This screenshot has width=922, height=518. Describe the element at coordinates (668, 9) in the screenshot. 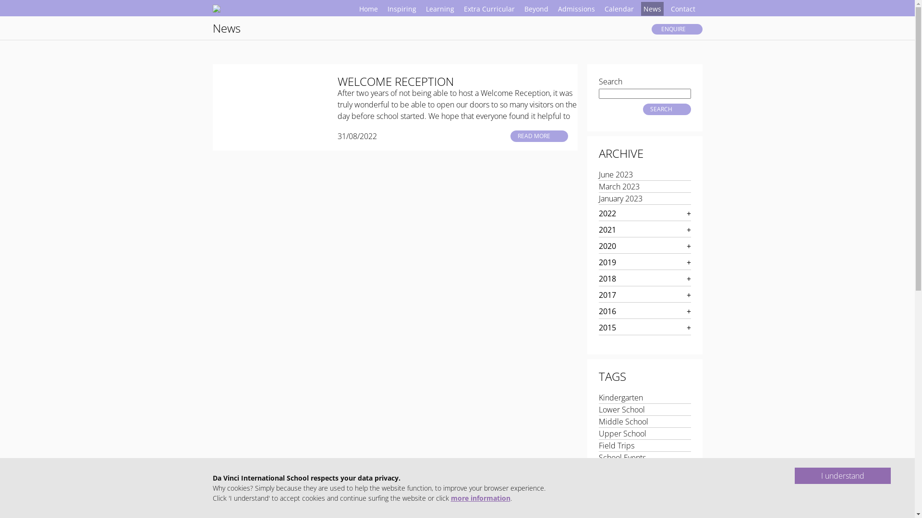

I see `'Contact'` at that location.